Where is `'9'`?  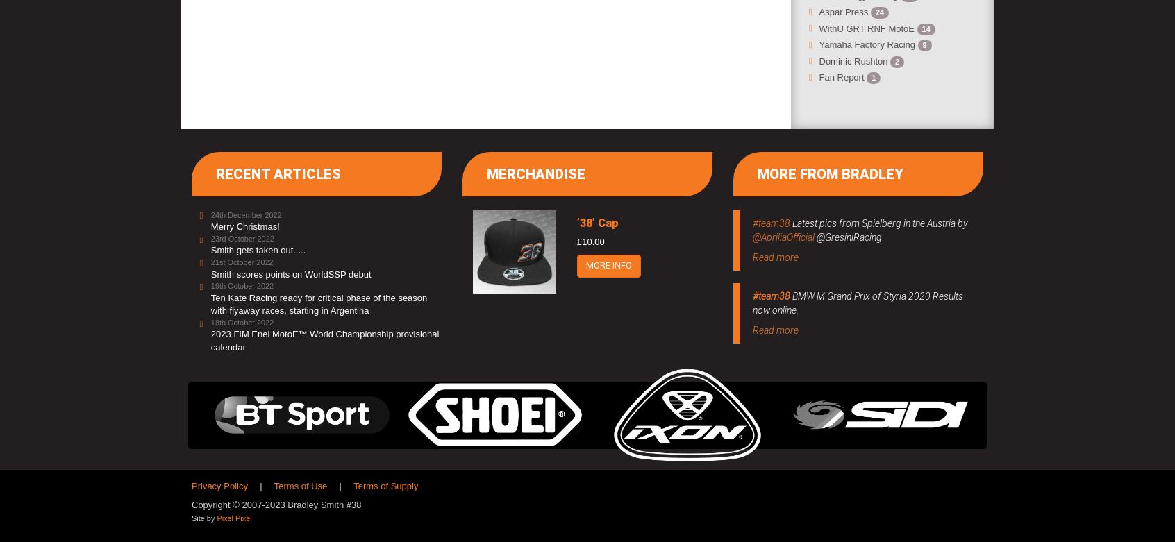 '9' is located at coordinates (923, 44).